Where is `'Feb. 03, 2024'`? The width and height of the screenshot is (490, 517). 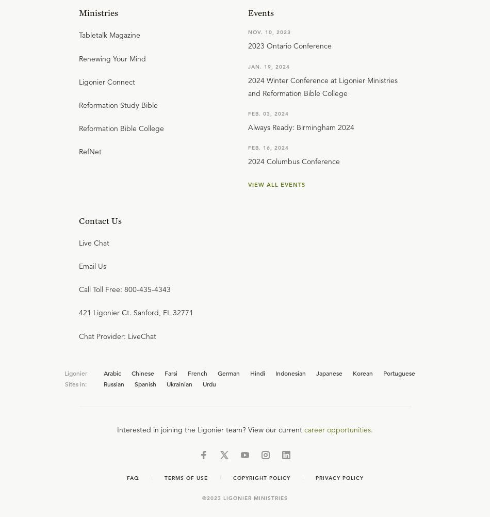 'Feb. 03, 2024' is located at coordinates (268, 113).